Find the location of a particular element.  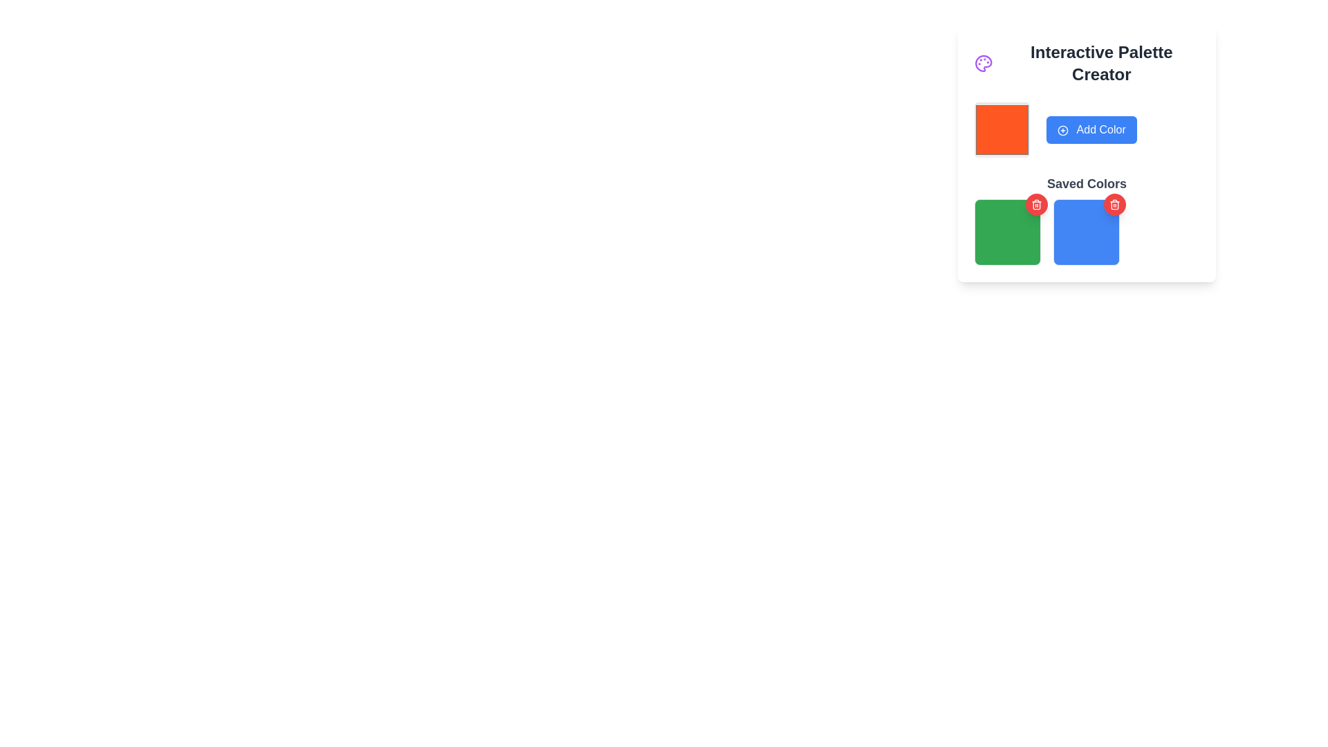

the 'Add Color' icon located to the left of the text label is located at coordinates (1062, 130).